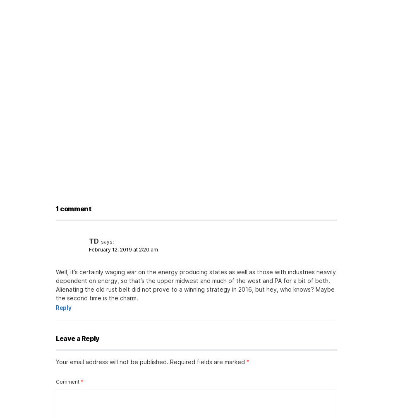 The width and height of the screenshot is (393, 418). What do you see at coordinates (89, 249) in the screenshot?
I see `'February 12, 2019 at 2:20 am'` at bounding box center [89, 249].